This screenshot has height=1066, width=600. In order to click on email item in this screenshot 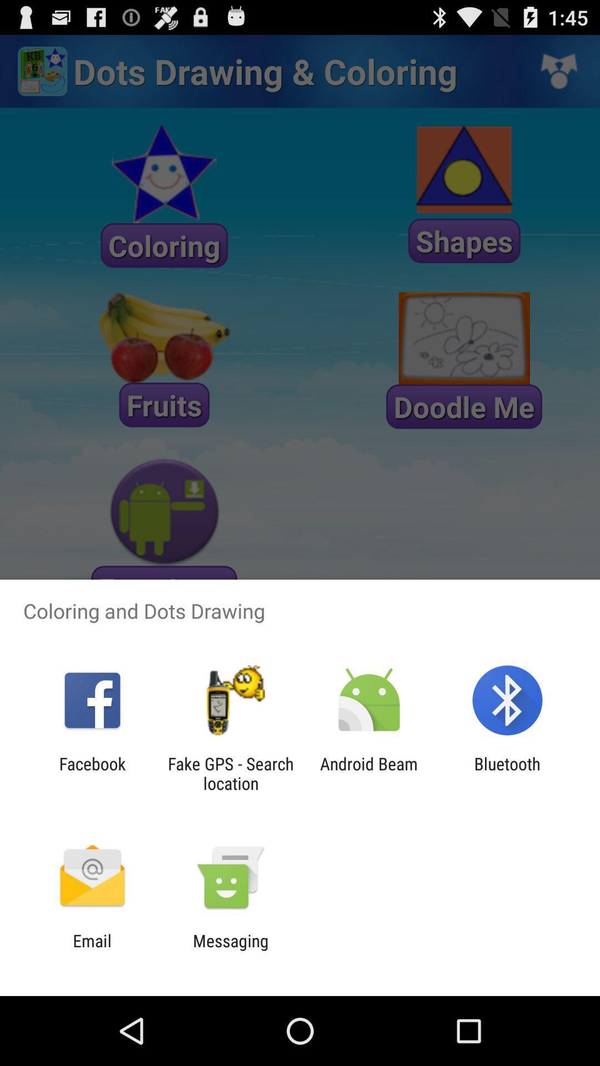, I will do `click(92, 950)`.